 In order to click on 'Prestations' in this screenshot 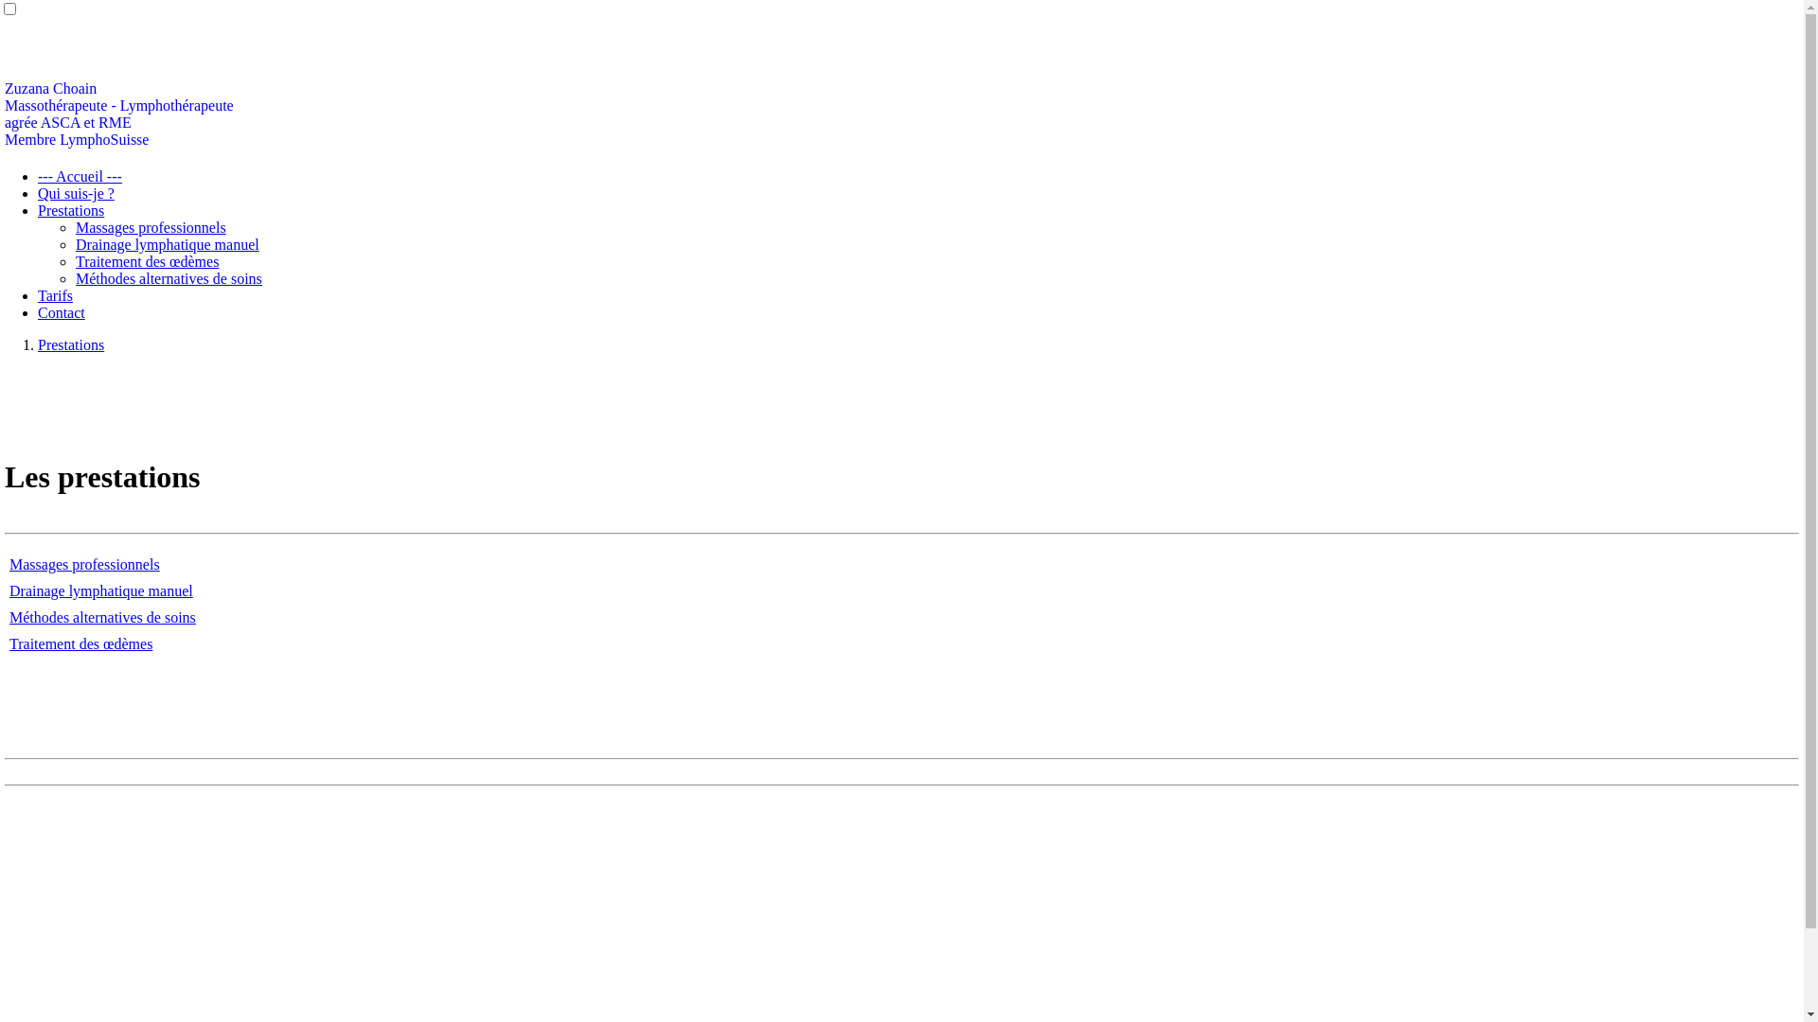, I will do `click(71, 344)`.